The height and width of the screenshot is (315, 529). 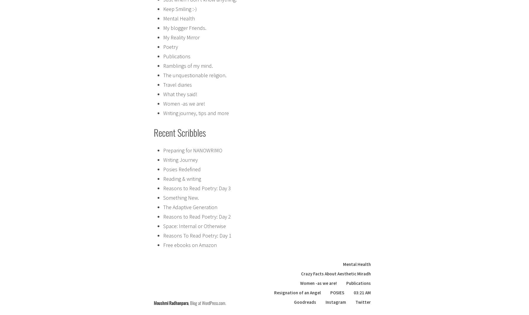 What do you see at coordinates (197, 188) in the screenshot?
I see `'Reasons to Read Poetry: Day 3'` at bounding box center [197, 188].